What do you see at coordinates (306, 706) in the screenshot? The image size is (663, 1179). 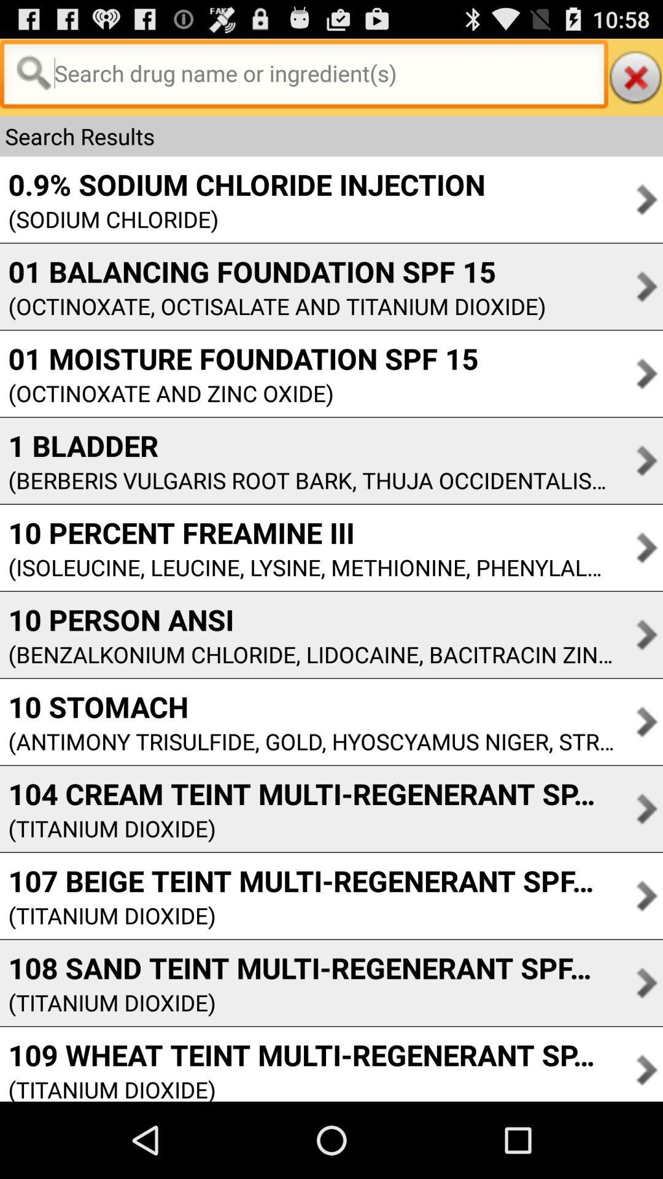 I see `10 stomach item` at bounding box center [306, 706].